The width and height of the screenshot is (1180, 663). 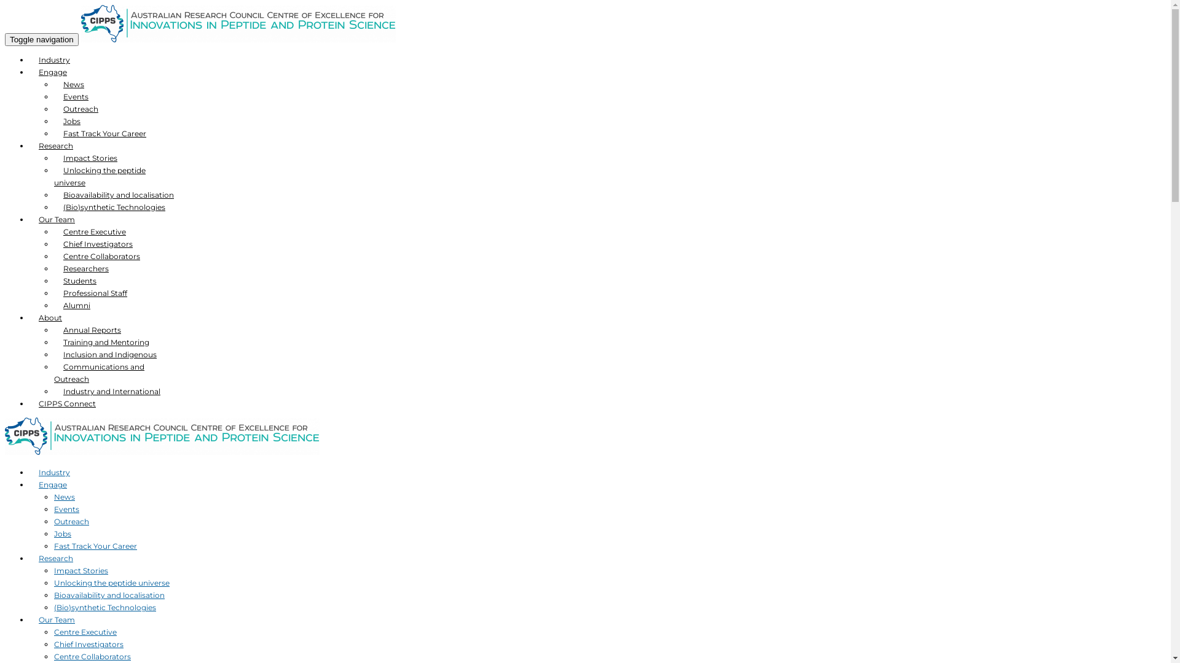 What do you see at coordinates (53, 206) in the screenshot?
I see `'(Bio)synthetic Technologies'` at bounding box center [53, 206].